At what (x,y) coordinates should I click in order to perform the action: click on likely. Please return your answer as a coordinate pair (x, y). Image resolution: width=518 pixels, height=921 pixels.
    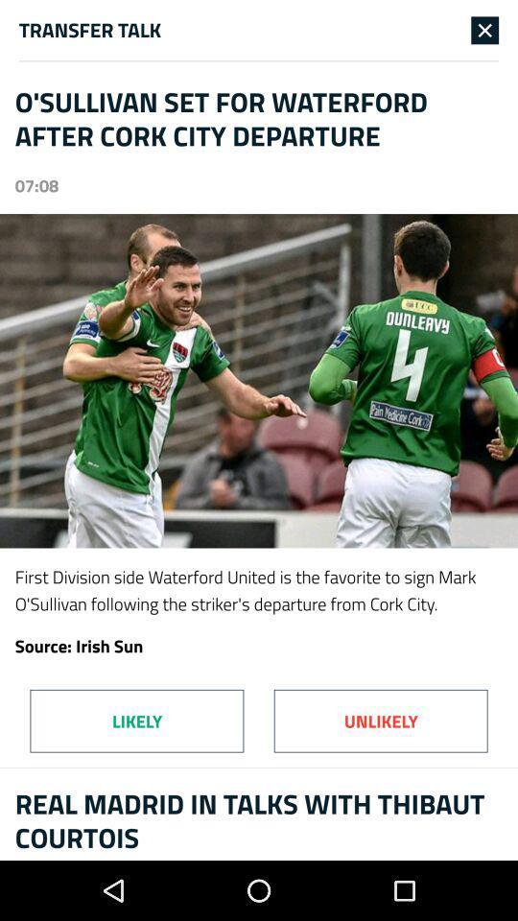
    Looking at the image, I should click on (135, 720).